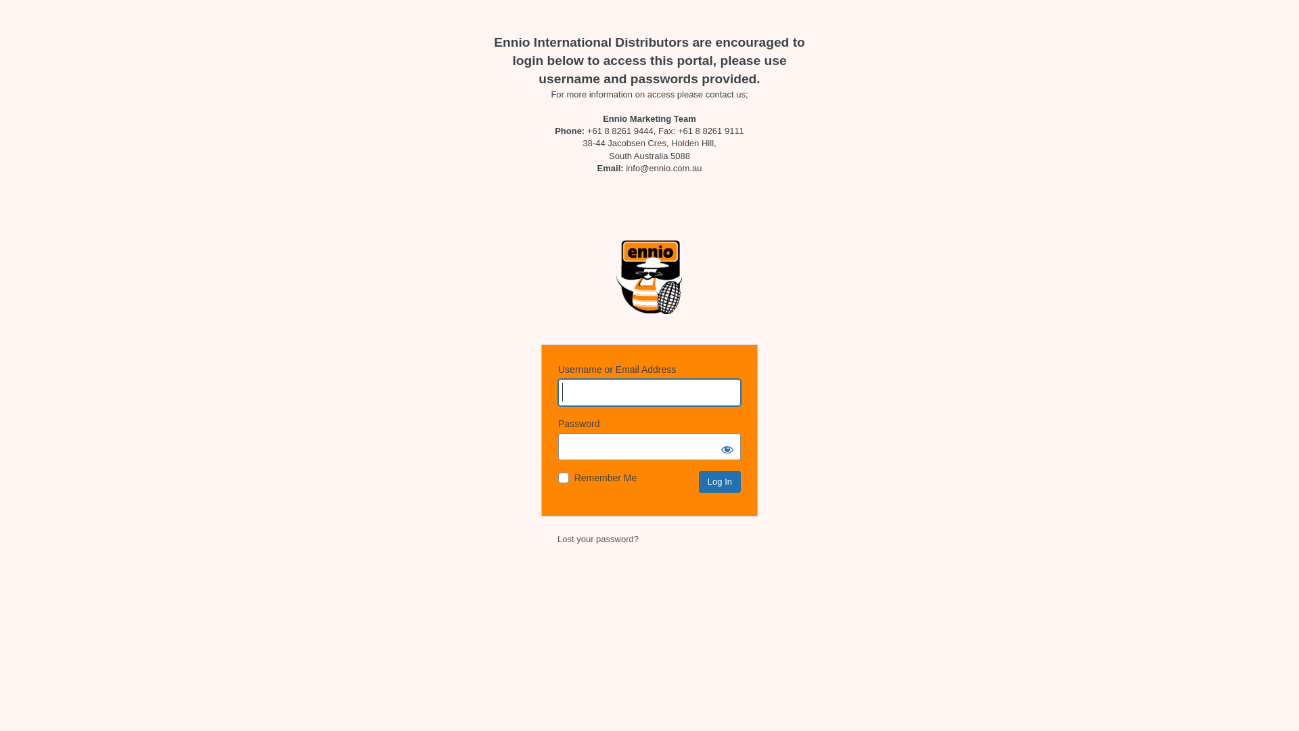 Image resolution: width=1299 pixels, height=731 pixels. I want to click on 'Log In', so click(698, 481).